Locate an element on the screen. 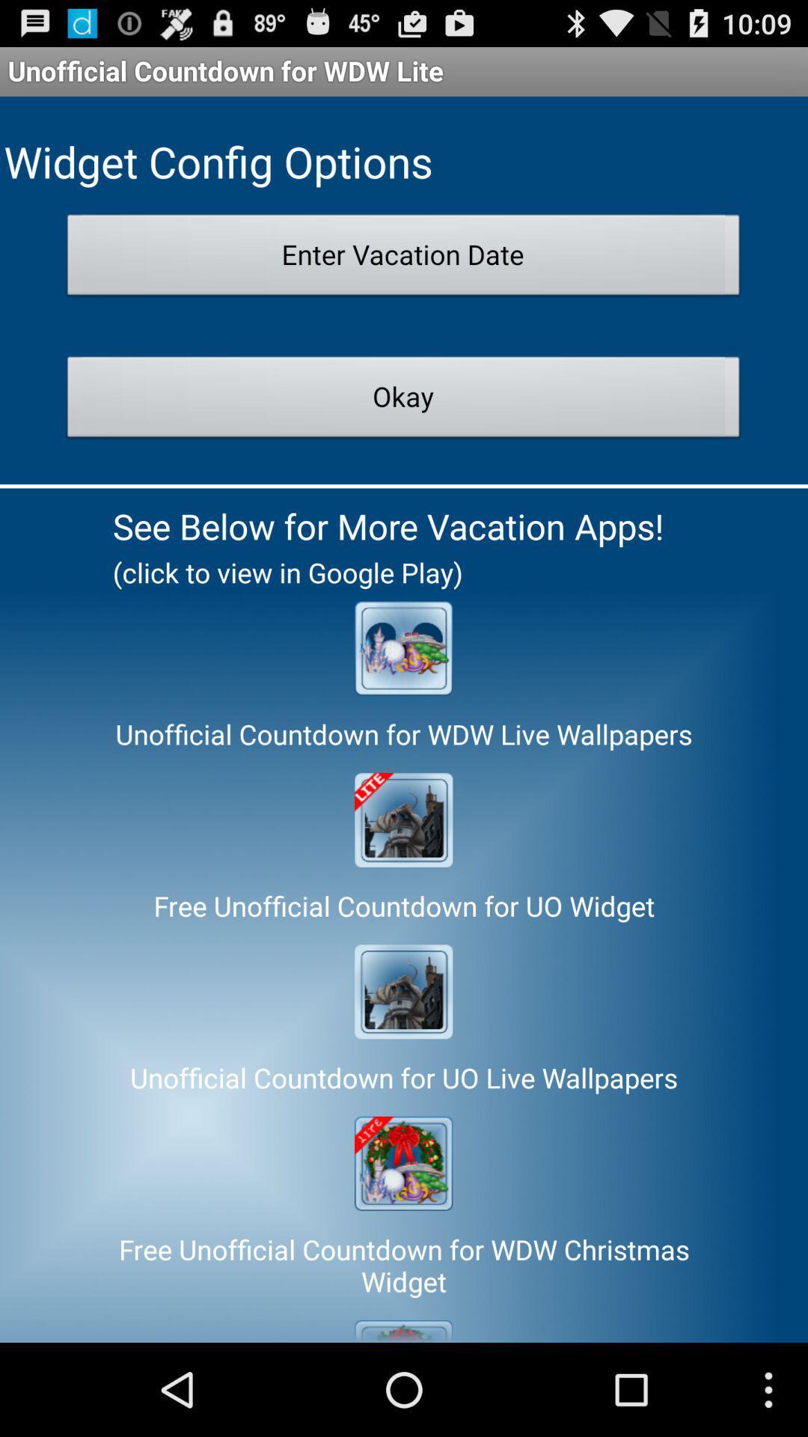 The width and height of the screenshot is (808, 1437). the enter vacation date button is located at coordinates (403, 259).